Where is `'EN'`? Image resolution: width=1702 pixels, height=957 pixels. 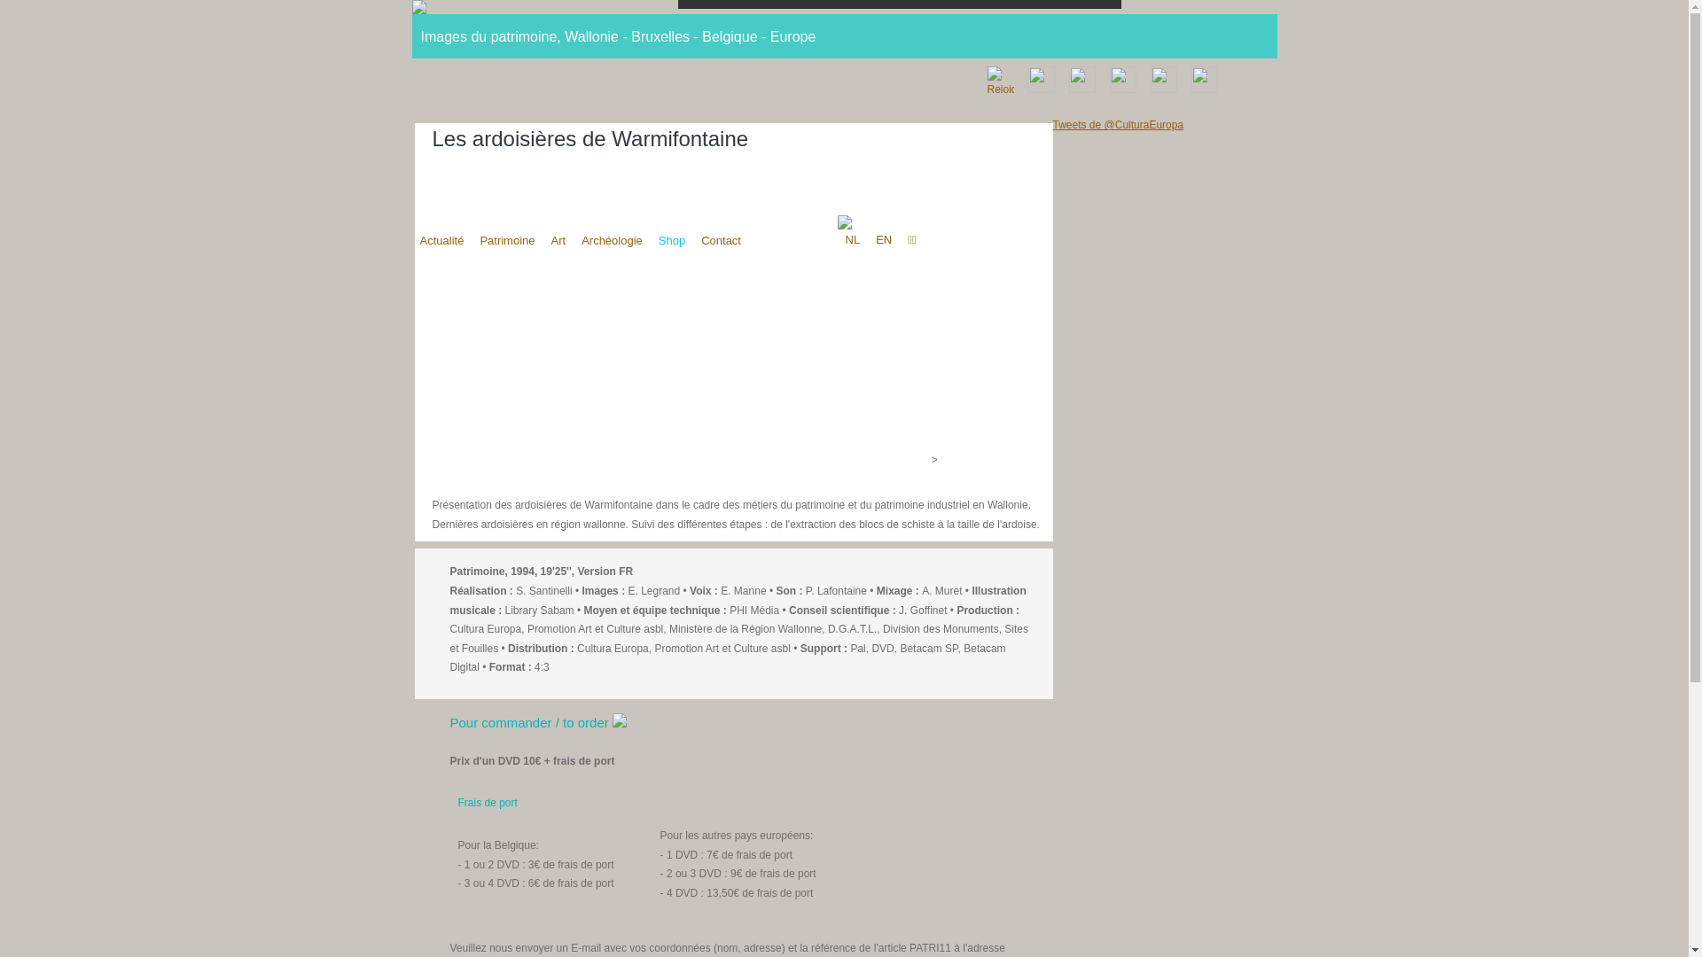 'EN' is located at coordinates (868, 239).